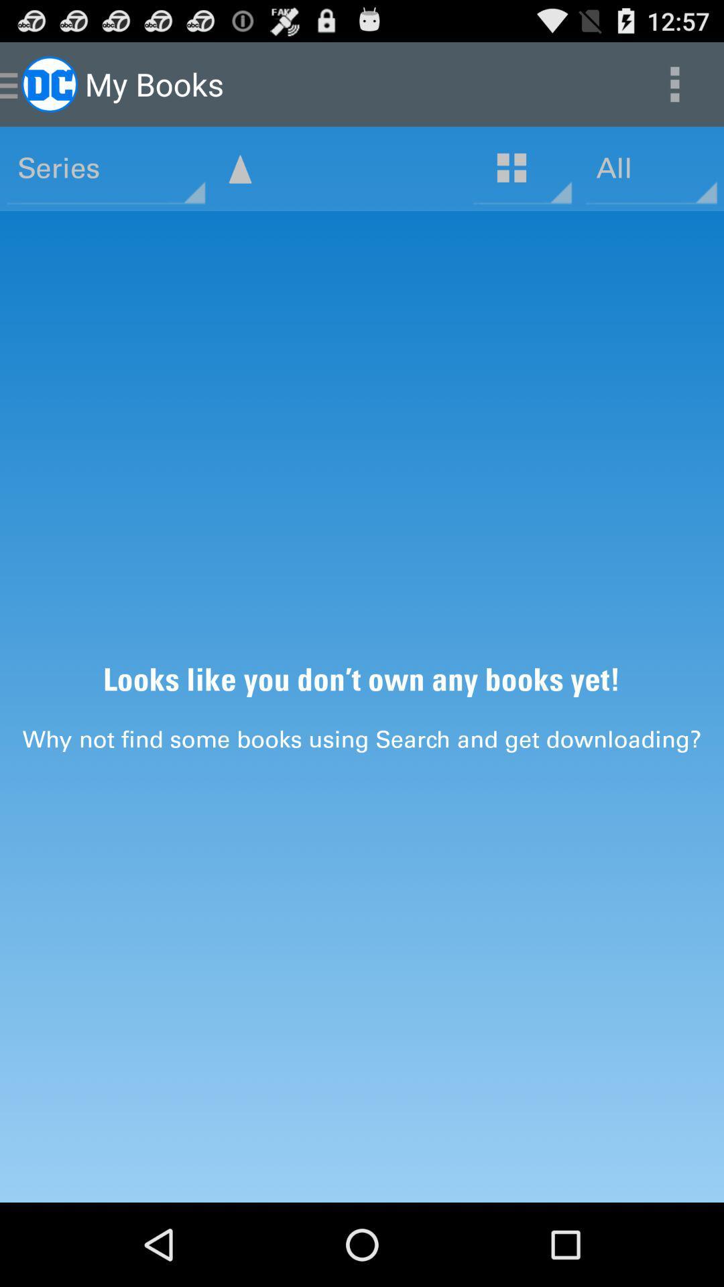 This screenshot has width=724, height=1287. What do you see at coordinates (239, 168) in the screenshot?
I see `the item below the my books` at bounding box center [239, 168].